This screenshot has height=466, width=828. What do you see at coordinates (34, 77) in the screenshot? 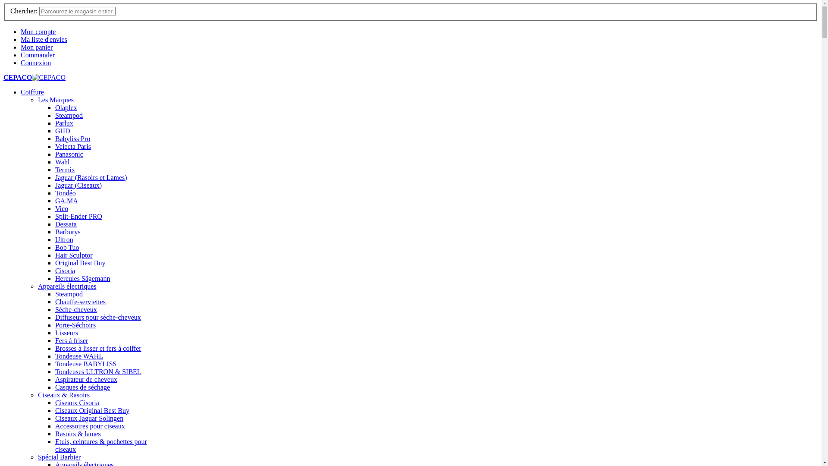
I see `'CEPACO'` at bounding box center [34, 77].